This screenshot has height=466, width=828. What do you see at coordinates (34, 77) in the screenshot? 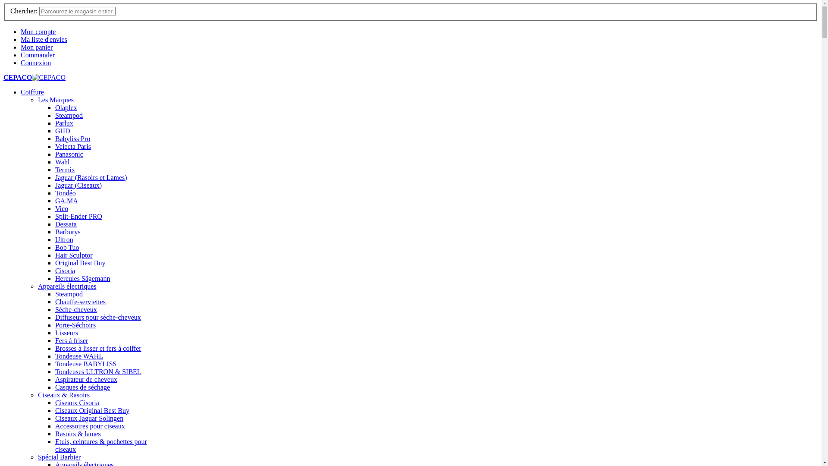
I see `'CEPACO'` at bounding box center [34, 77].